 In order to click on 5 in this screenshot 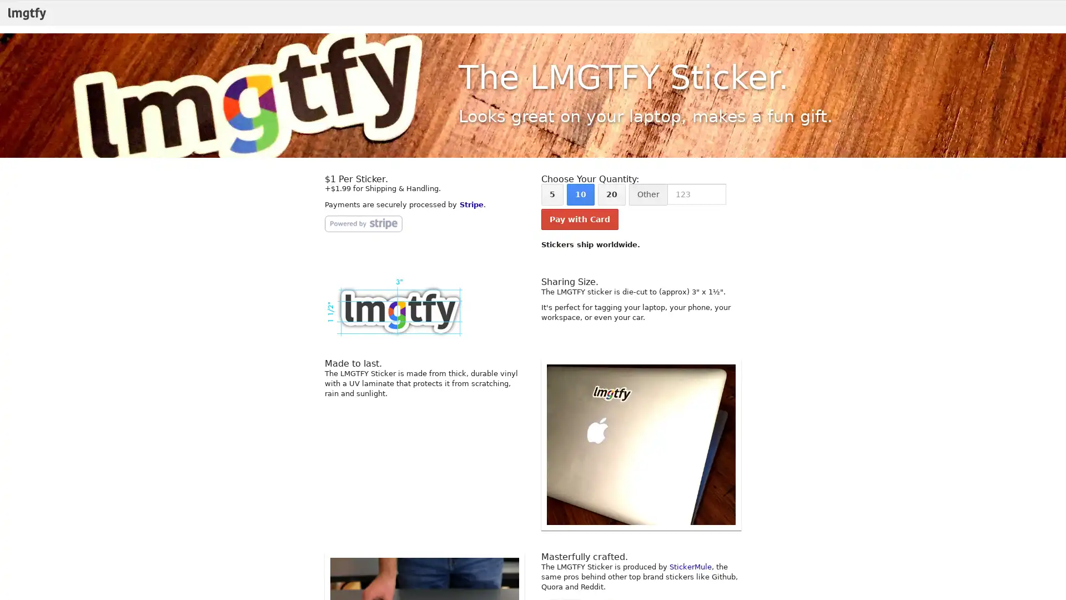, I will do `click(552, 194)`.